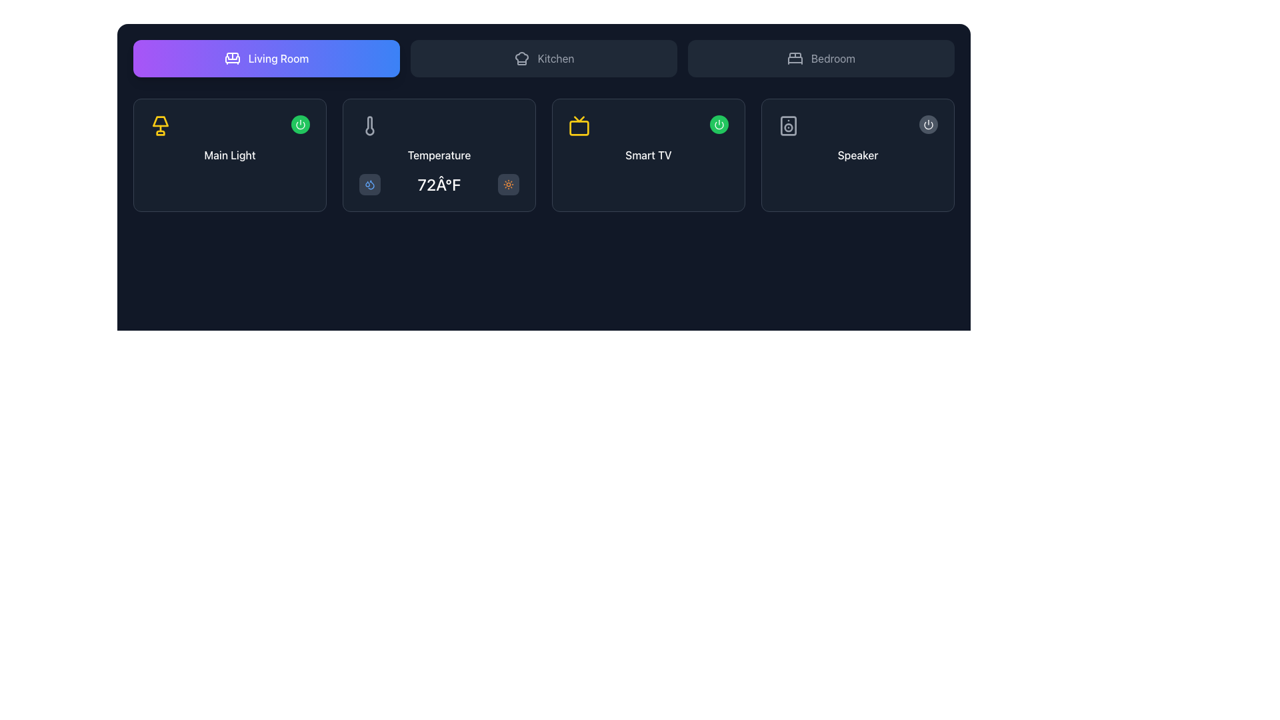  I want to click on the static text display showing the temperature value '72°F', which is located in the 'Temperature' card of the control panel interface, so click(439, 185).